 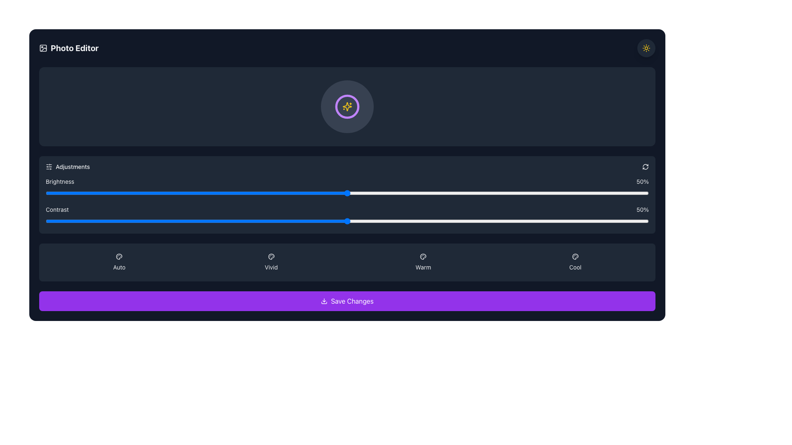 I want to click on the 'Warm' button, which is a rectangular button with rounded edges and a dark background, located between the 'Vivid' and 'Cool' buttons in a horizontal series of four buttons, so click(x=423, y=262).